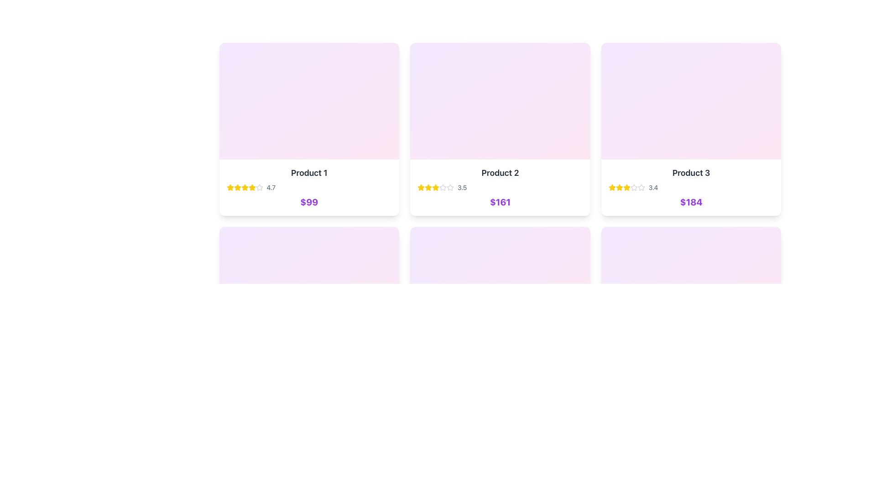 Image resolution: width=876 pixels, height=492 pixels. I want to click on the product card displaying information about a product, located as the second card in the top row of a three-column grid layout, so click(500, 129).